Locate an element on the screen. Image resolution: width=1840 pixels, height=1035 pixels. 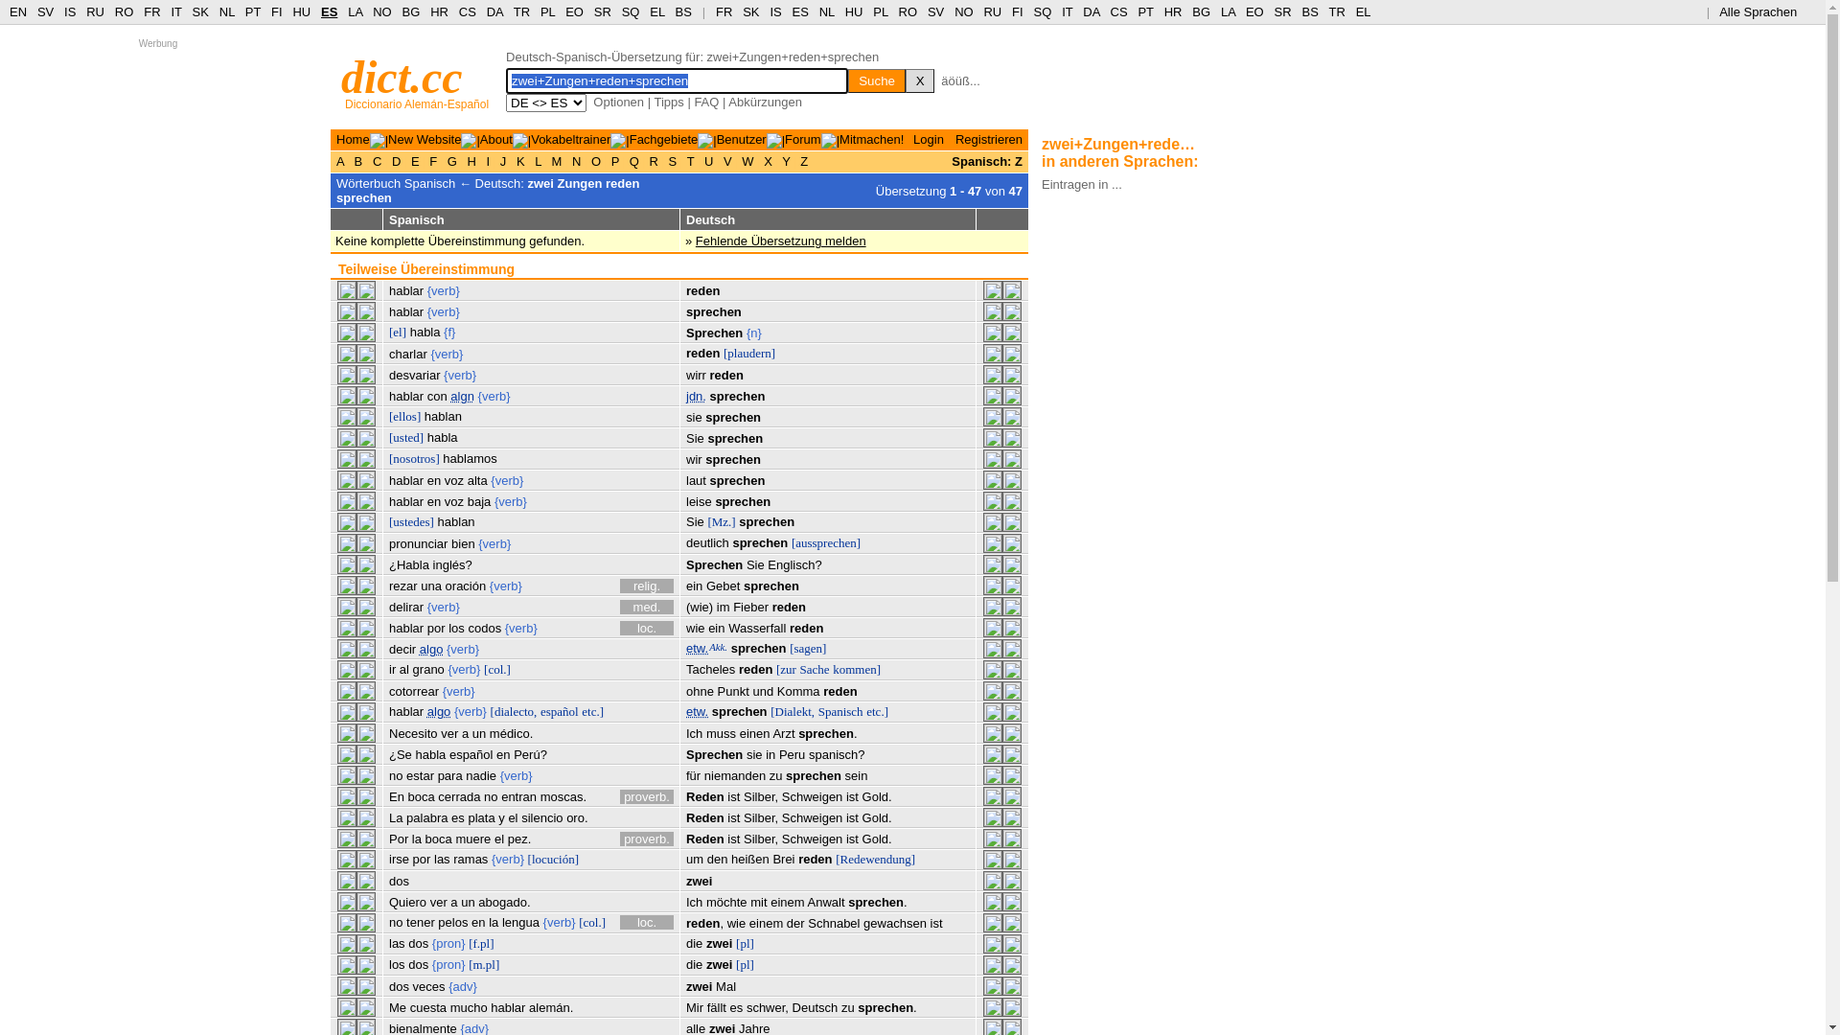
'[pl]' is located at coordinates (744, 964).